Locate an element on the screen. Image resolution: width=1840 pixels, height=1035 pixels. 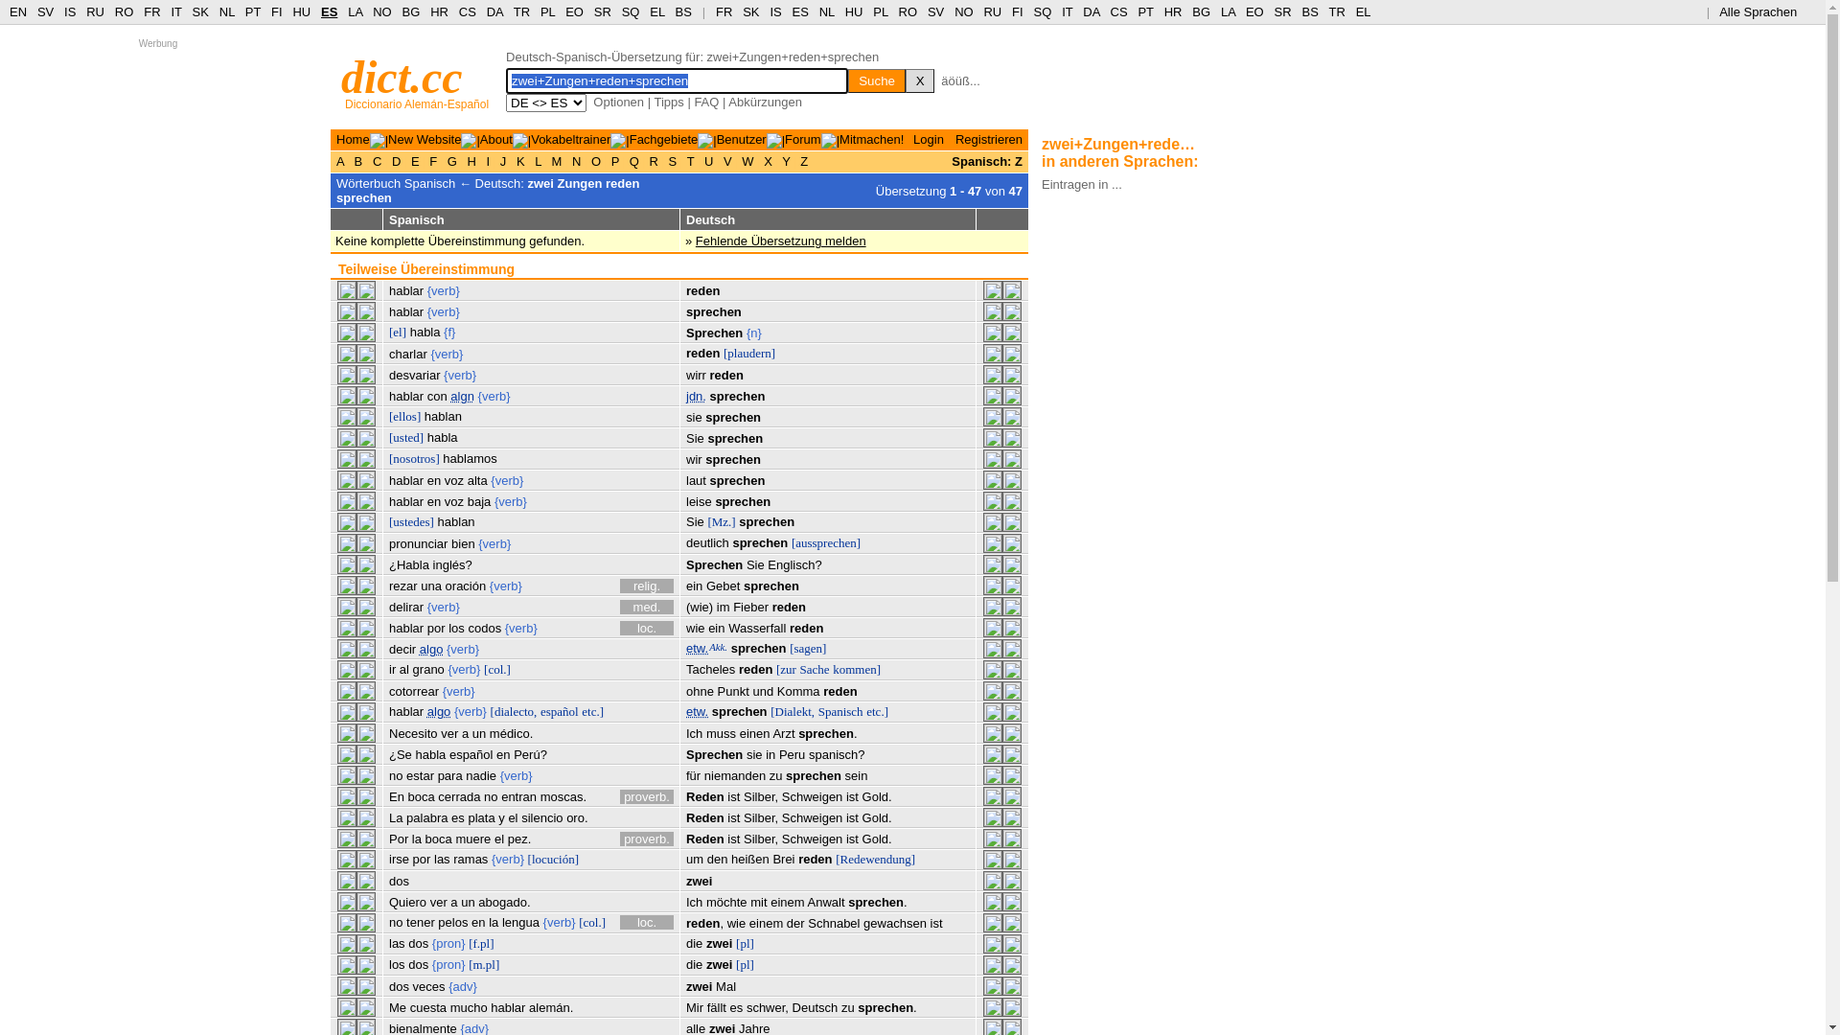
'[pl]' is located at coordinates (744, 964).